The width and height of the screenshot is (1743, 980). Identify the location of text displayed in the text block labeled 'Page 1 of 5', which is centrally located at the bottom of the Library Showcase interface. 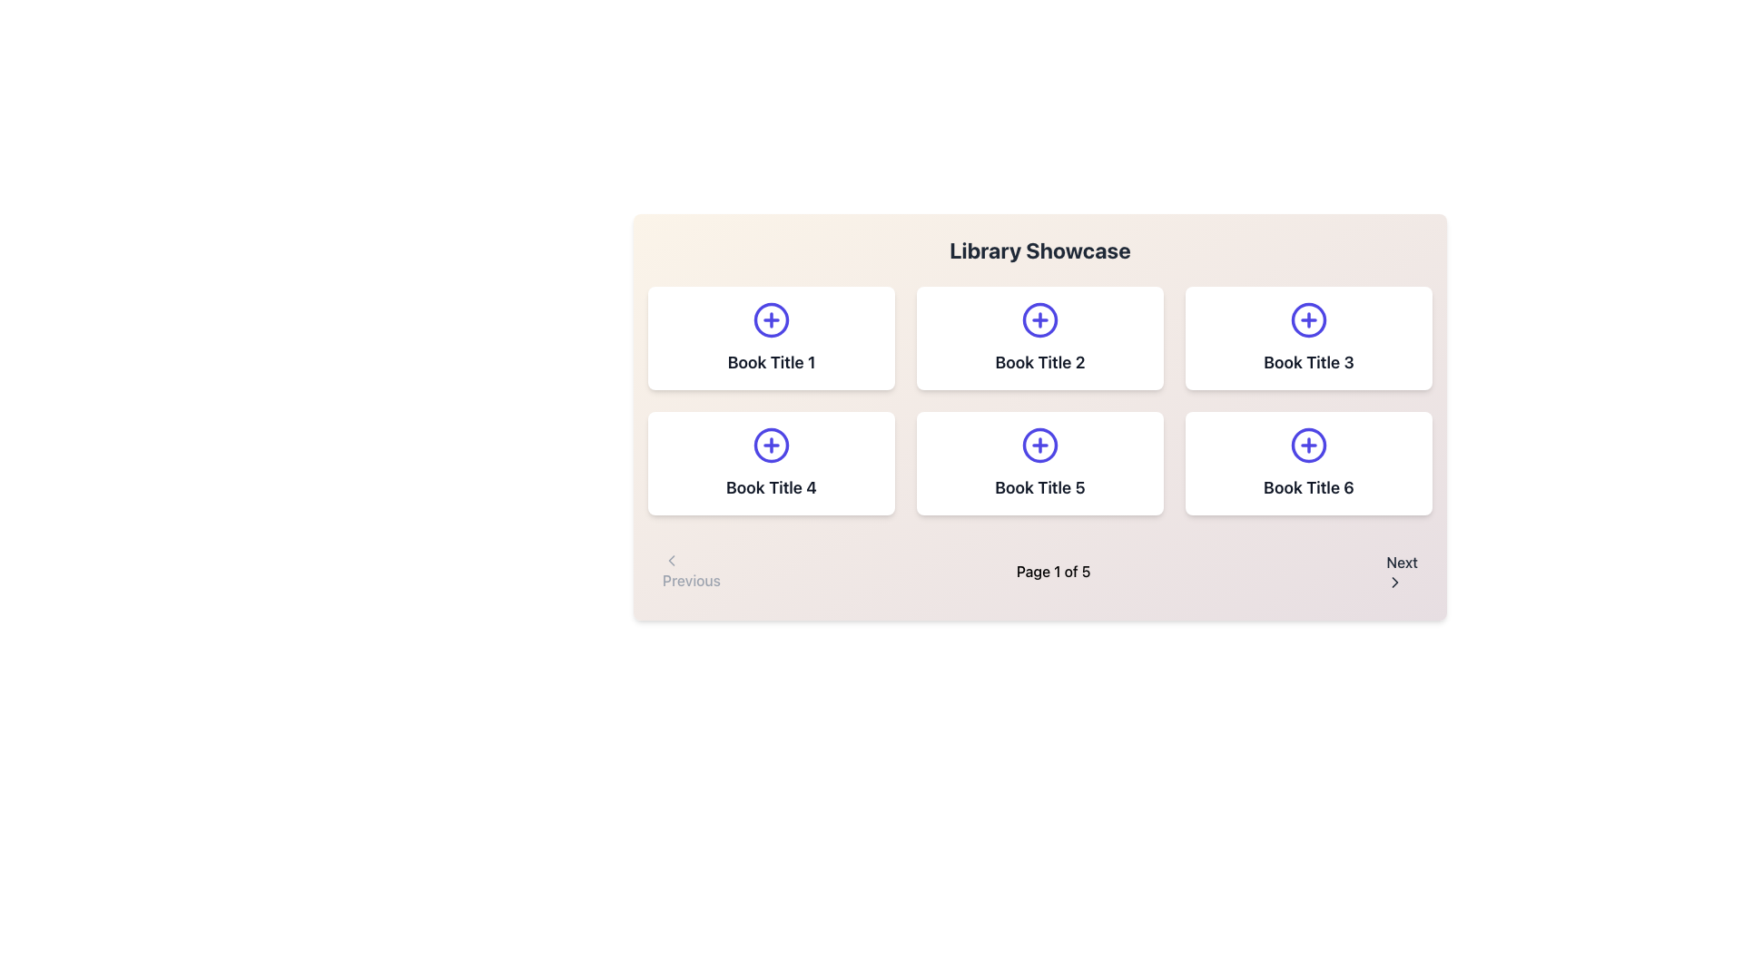
(1053, 570).